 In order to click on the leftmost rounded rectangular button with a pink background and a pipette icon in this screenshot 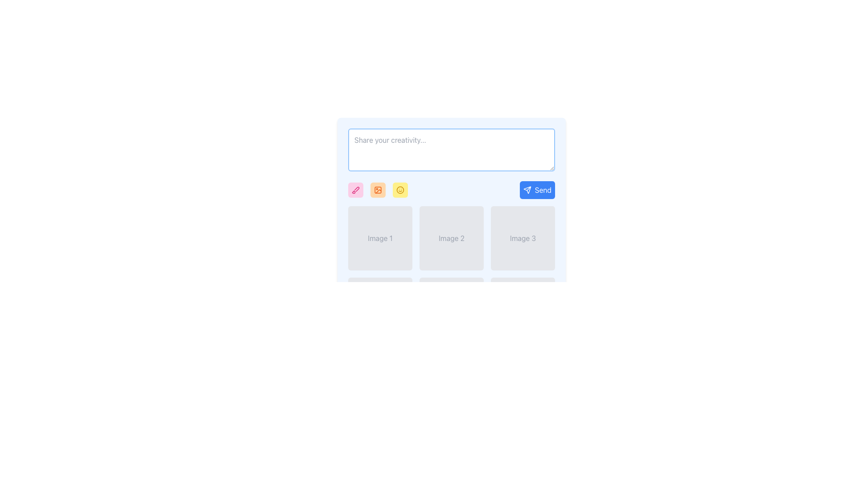, I will do `click(355, 189)`.